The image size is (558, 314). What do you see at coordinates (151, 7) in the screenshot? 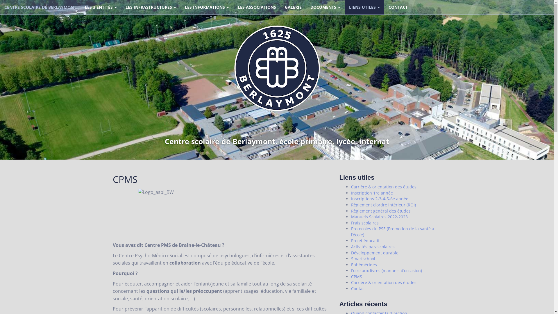
I see `'LES INFRASTRUCTURES'` at bounding box center [151, 7].